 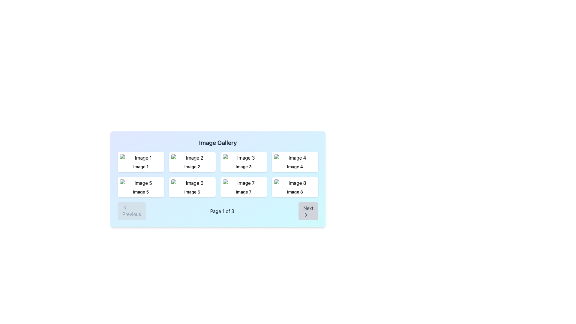 I want to click on the text label displaying 'Image 3', which is positioned in the third position of the top row within the image gallery grid, beneath the image placeholder labeled 'Image 3', so click(x=244, y=166).